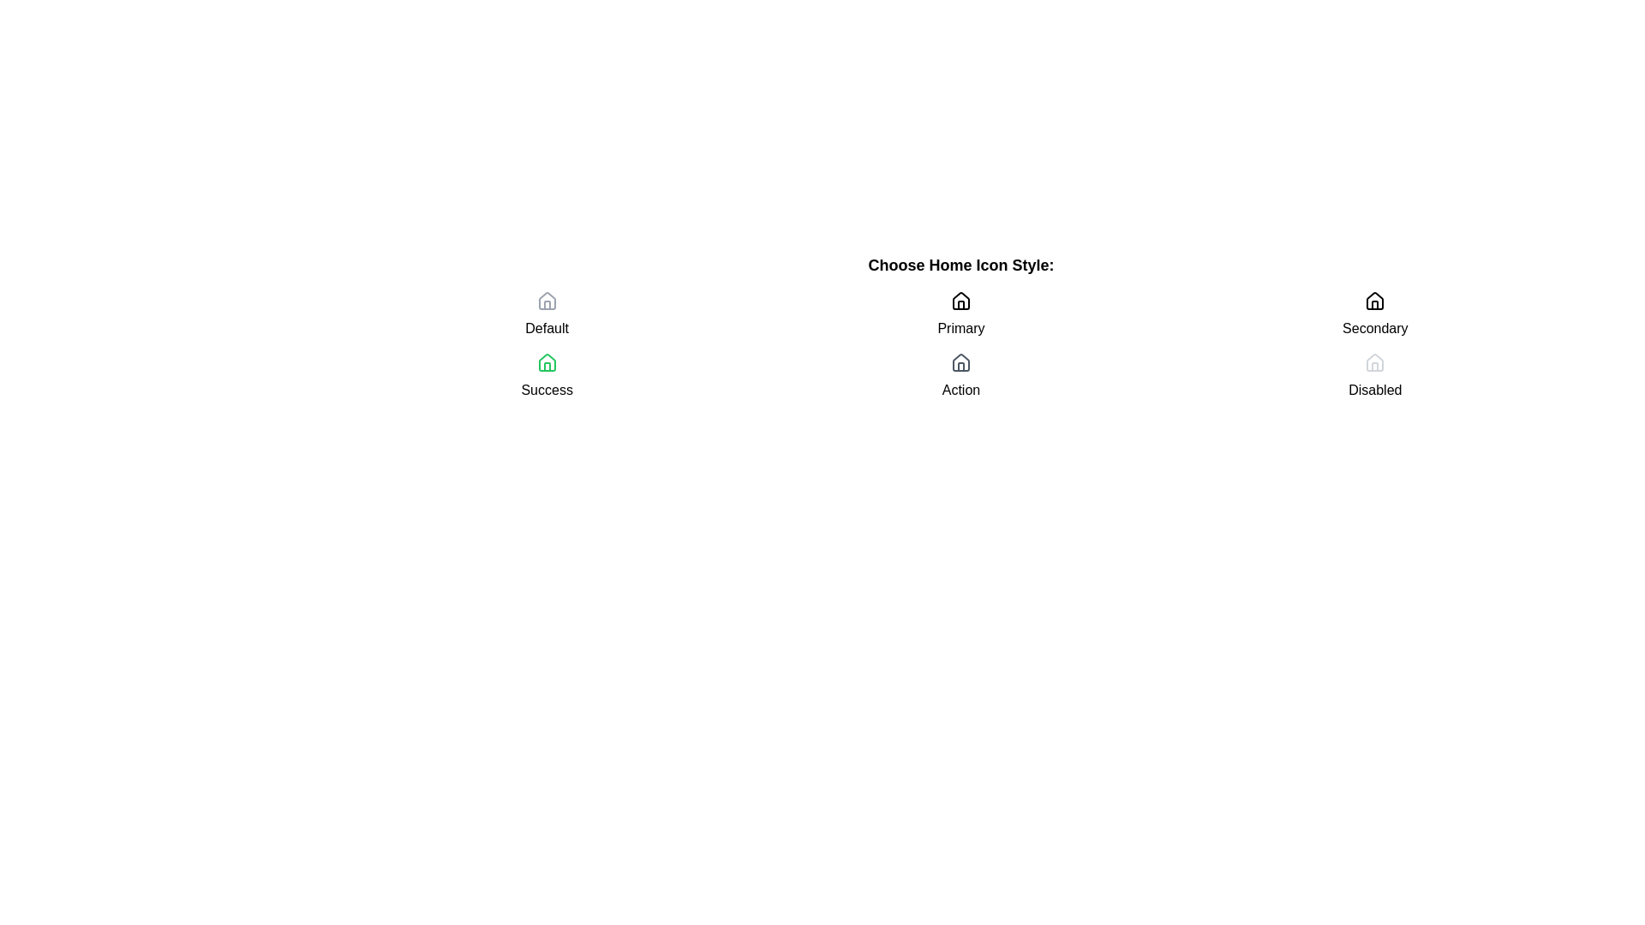 This screenshot has height=925, width=1645. Describe the element at coordinates (1375, 300) in the screenshot. I see `the button labeled 'Secondary' that contains the house icon with a triangular roof and rectangular base` at that location.